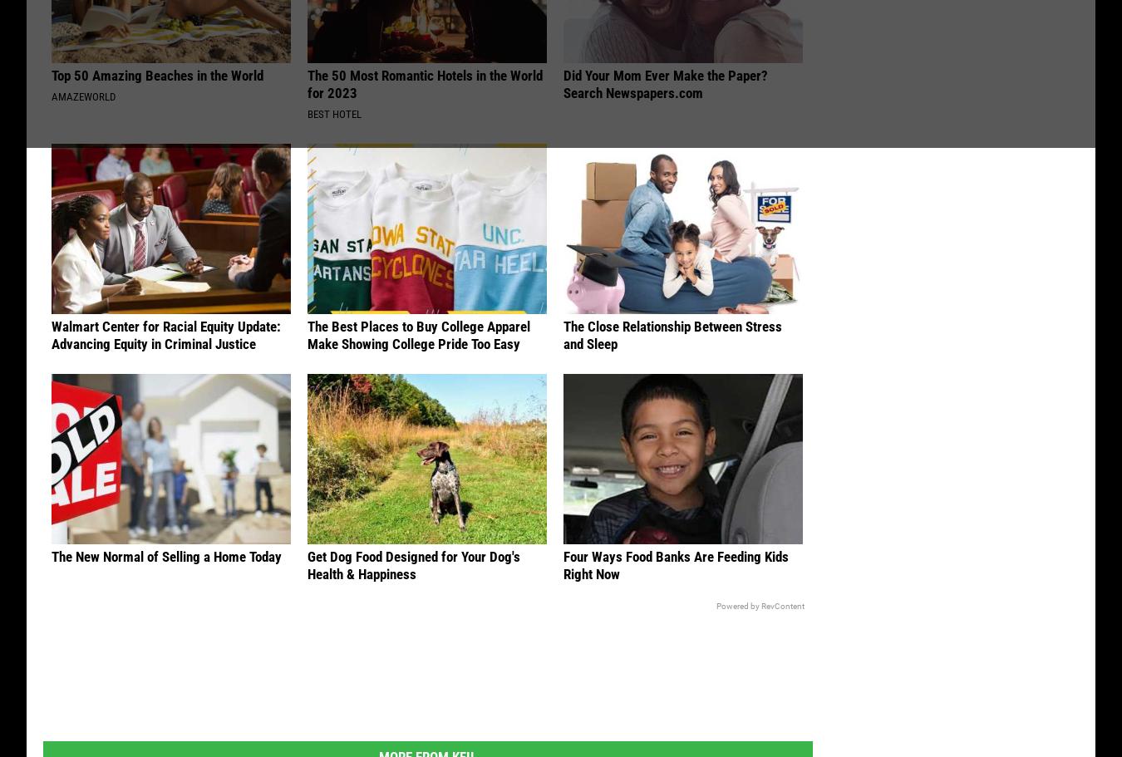  I want to click on 'Did Your Mom Ever Make the Paper? Search Newspapers.com', so click(665, 86).